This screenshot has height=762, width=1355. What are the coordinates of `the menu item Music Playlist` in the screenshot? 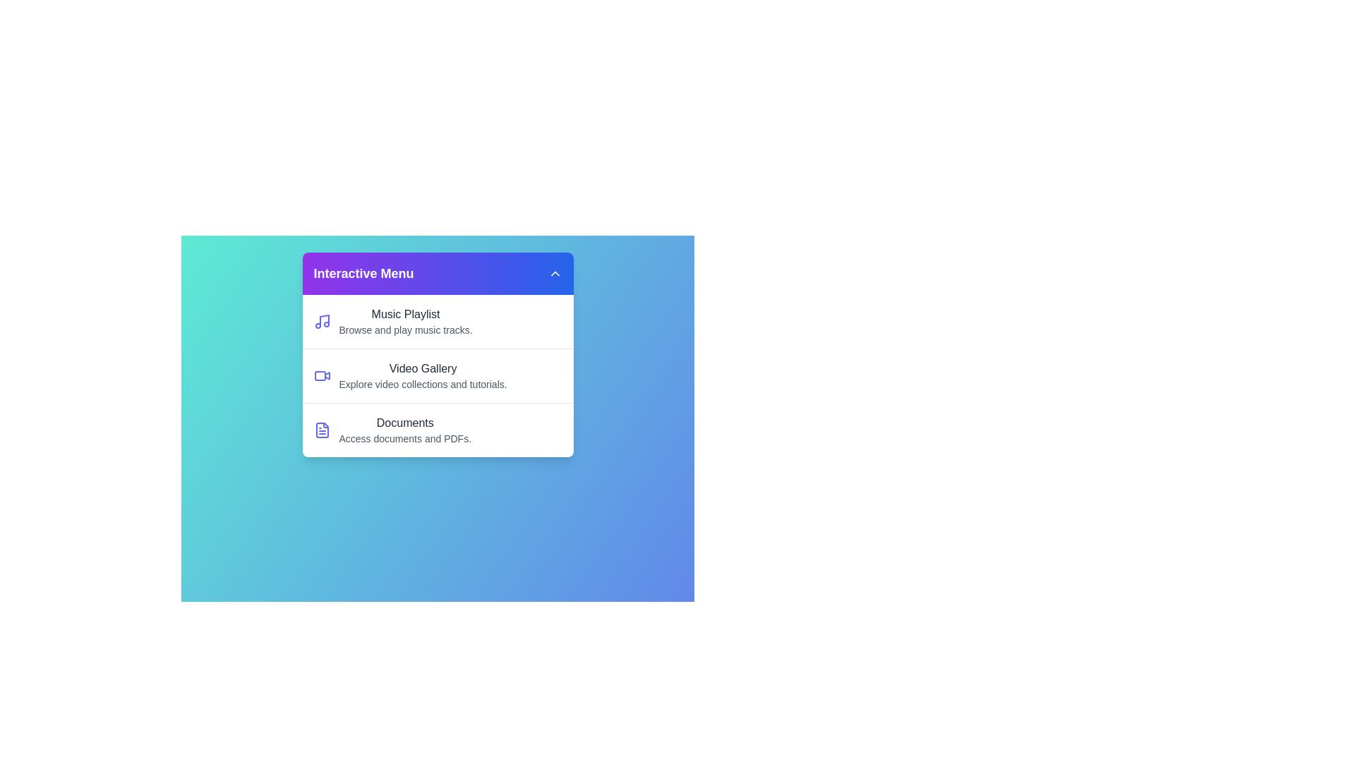 It's located at (437, 321).